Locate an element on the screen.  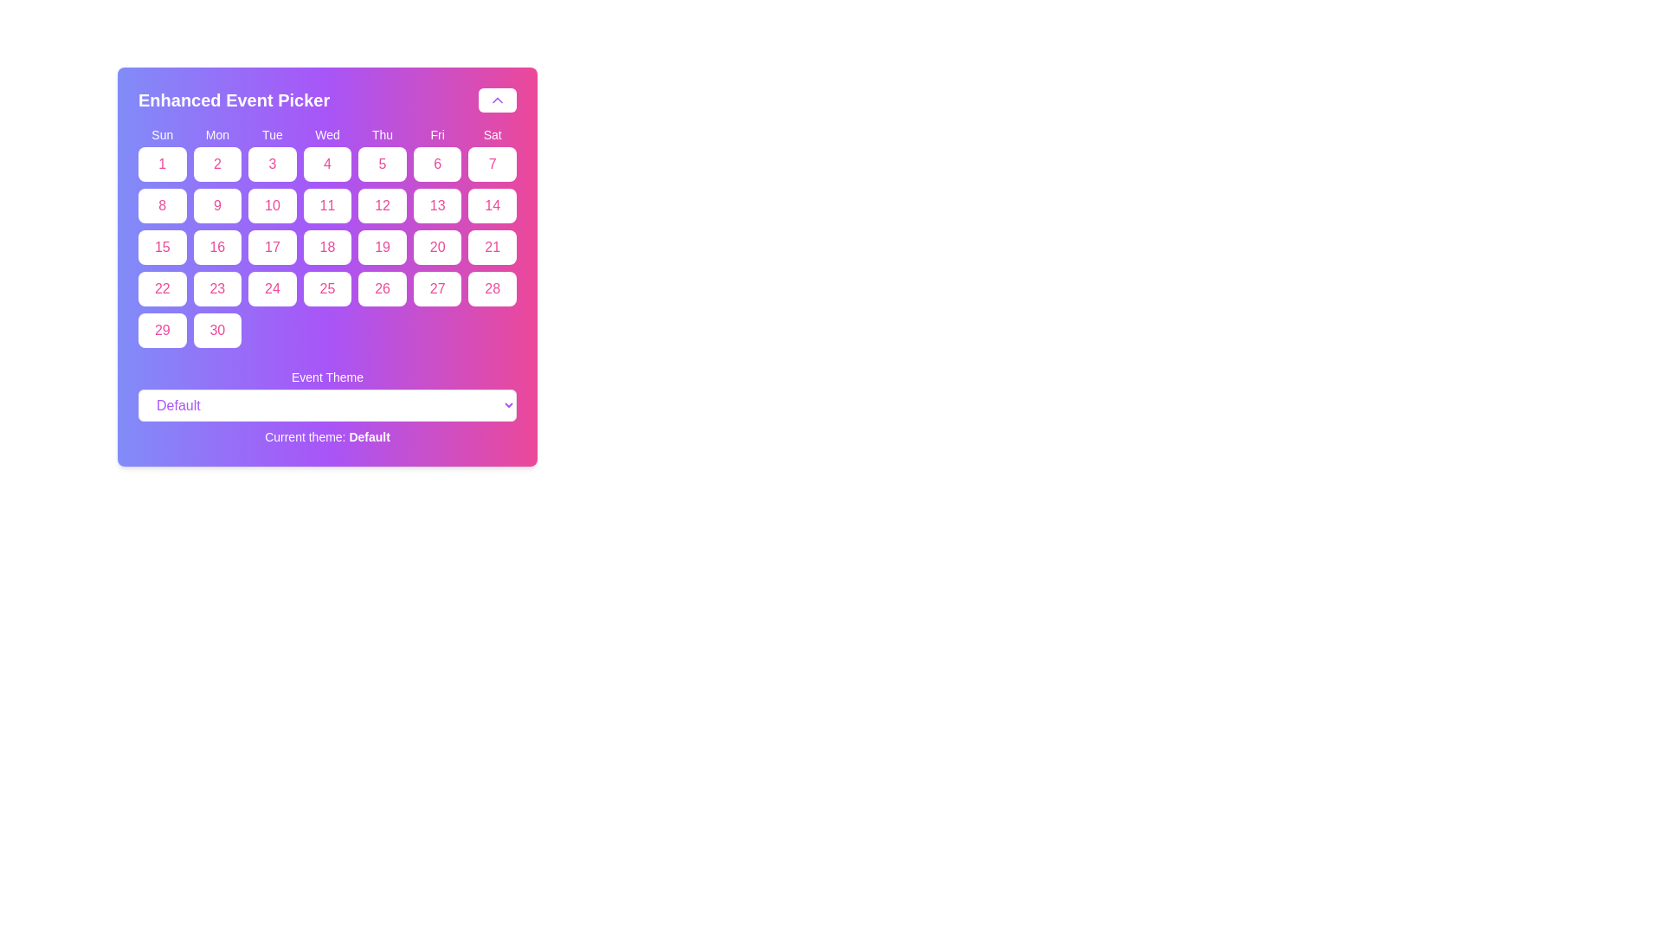
the static text label displaying the currently selected theme of the event as 'Default', located near the bottom of the 'Enhanced Event Picker' UI panel is located at coordinates (327, 436).